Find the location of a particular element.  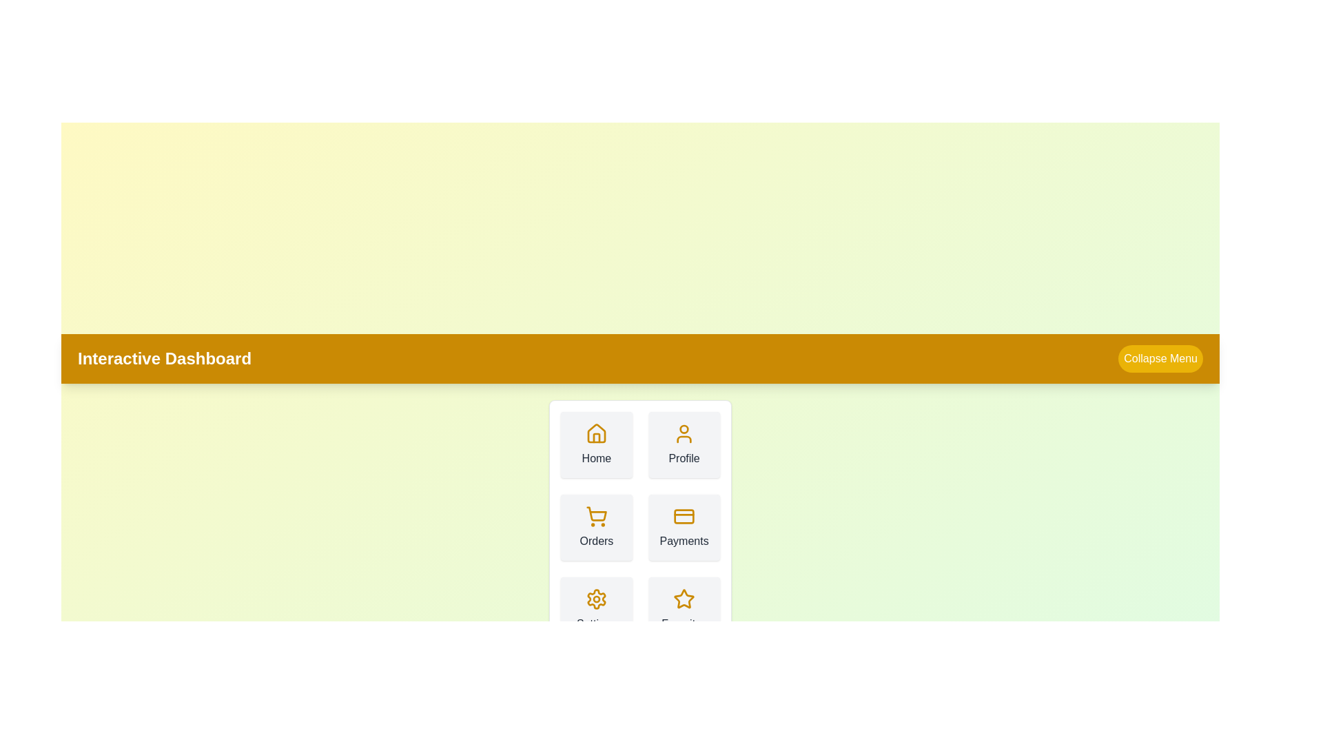

the icon corresponding to Profile is located at coordinates (684, 433).